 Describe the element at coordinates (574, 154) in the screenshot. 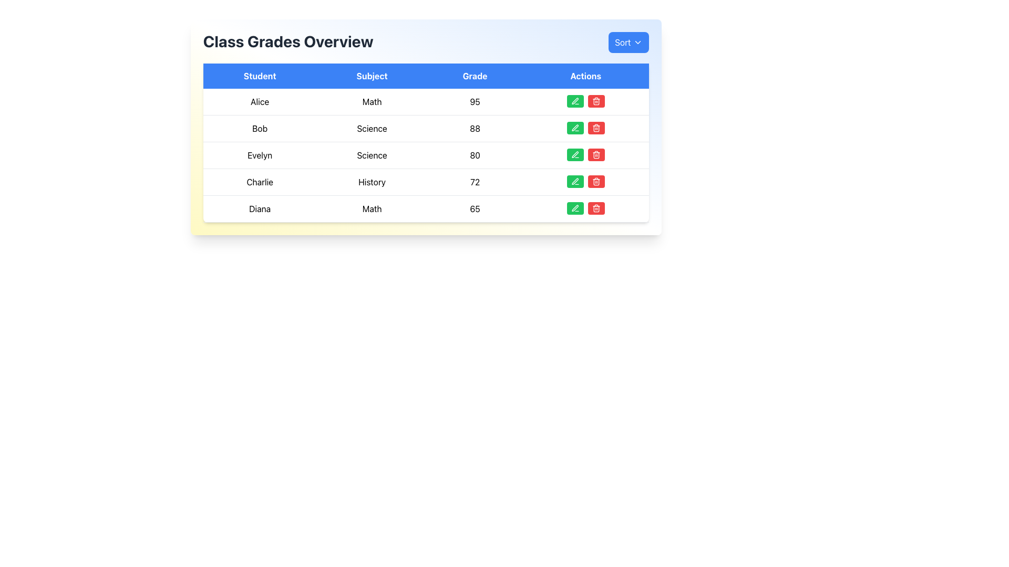

I see `the edit icon (pen/pencil) within the green button in the 'Actions' column of the table for student Evelyn, located in the third row` at that location.